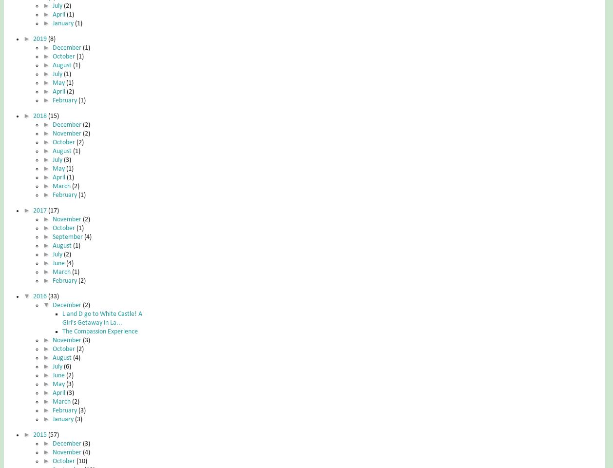  Describe the element at coordinates (62, 317) in the screenshot. I see `'L and D go to White Castle! A Girl's Getaway in La...'` at that location.